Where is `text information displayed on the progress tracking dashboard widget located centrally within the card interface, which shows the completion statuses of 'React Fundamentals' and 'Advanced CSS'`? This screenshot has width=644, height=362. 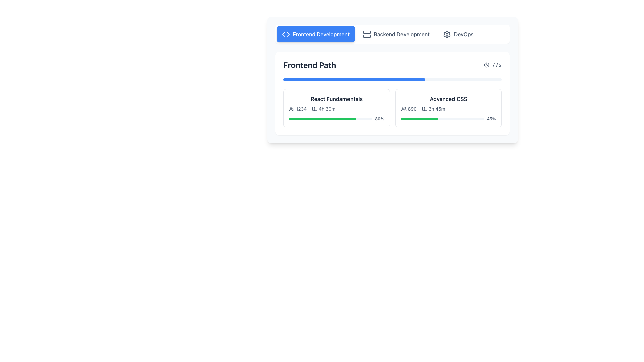
text information displayed on the progress tracking dashboard widget located centrally within the card interface, which shows the completion statuses of 'React Fundamentals' and 'Advanced CSS' is located at coordinates (392, 80).